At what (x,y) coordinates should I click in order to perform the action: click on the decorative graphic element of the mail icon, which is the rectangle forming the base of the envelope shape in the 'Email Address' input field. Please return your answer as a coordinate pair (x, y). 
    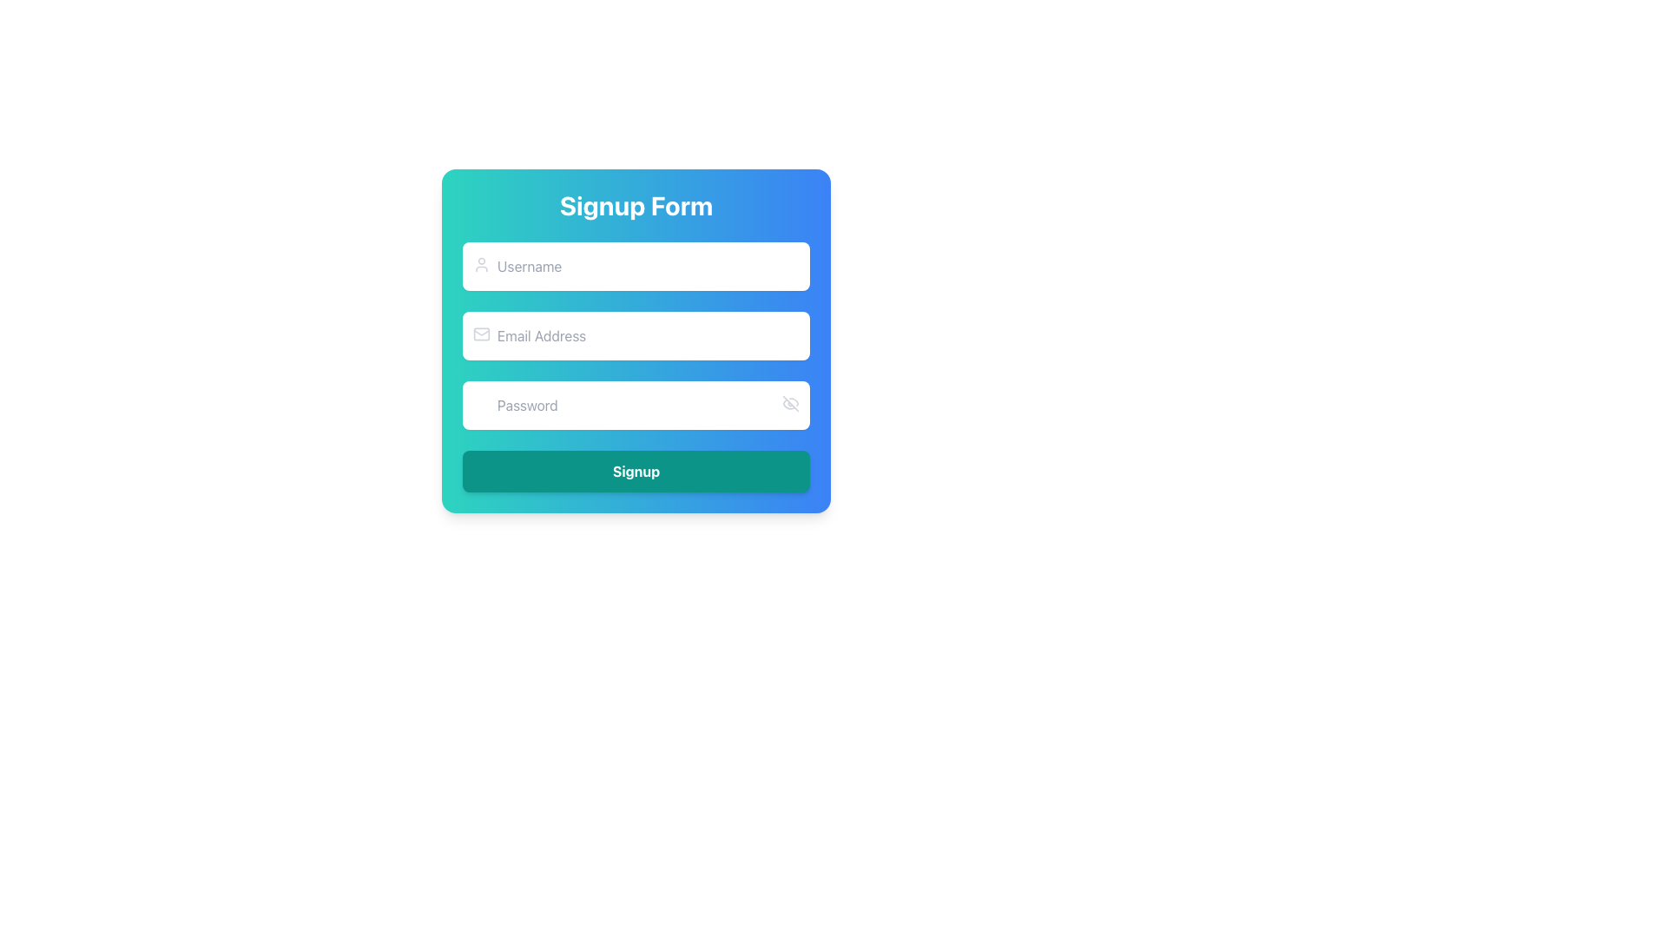
    Looking at the image, I should click on (482, 334).